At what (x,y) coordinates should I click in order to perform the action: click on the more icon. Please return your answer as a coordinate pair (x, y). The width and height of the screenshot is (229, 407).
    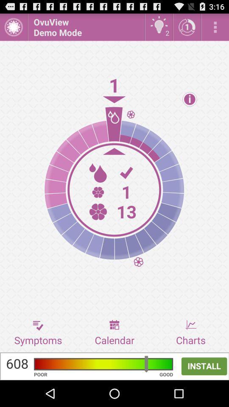
    Looking at the image, I should click on (215, 29).